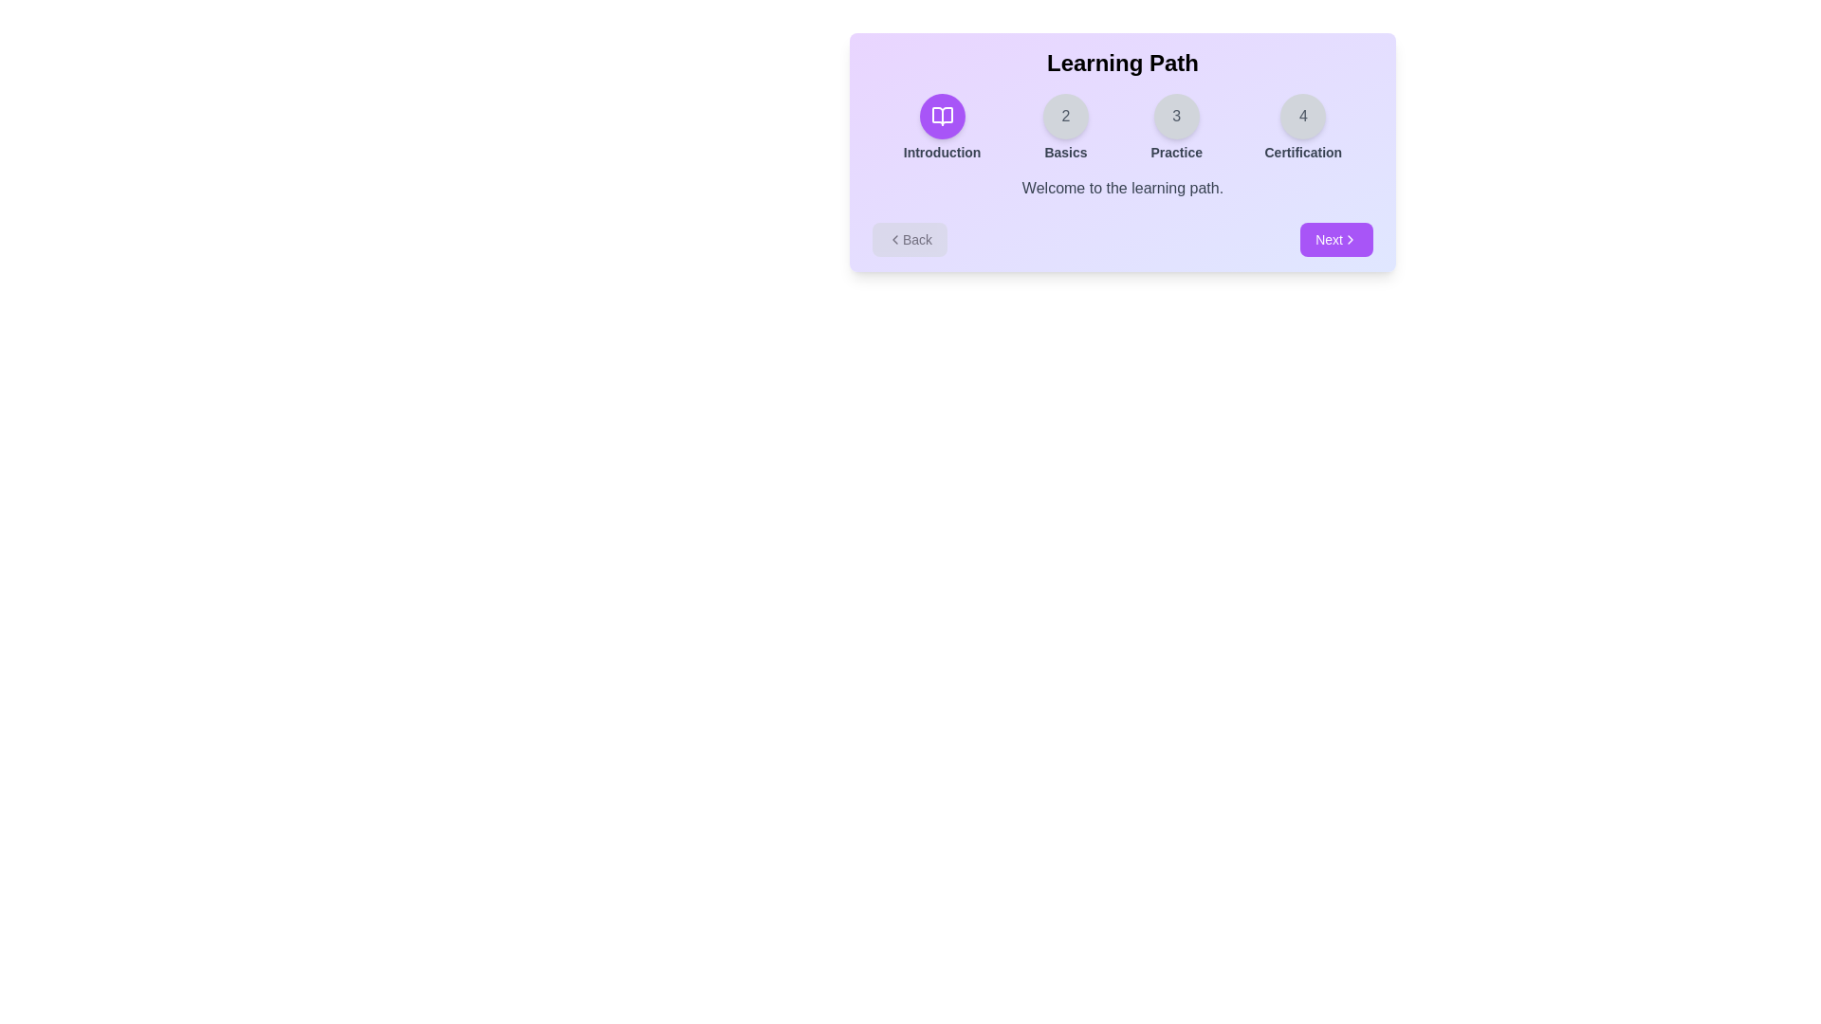 The width and height of the screenshot is (1821, 1024). What do you see at coordinates (1335, 239) in the screenshot?
I see `the 'Next' button to navigate to the next step` at bounding box center [1335, 239].